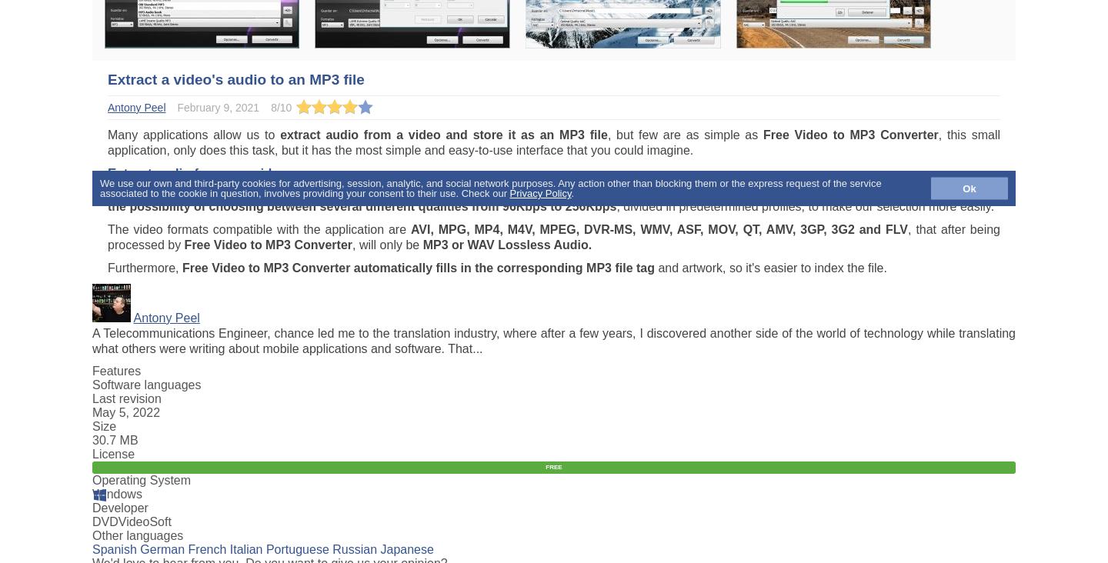 The image size is (1108, 563). What do you see at coordinates (205, 549) in the screenshot?
I see `'French'` at bounding box center [205, 549].